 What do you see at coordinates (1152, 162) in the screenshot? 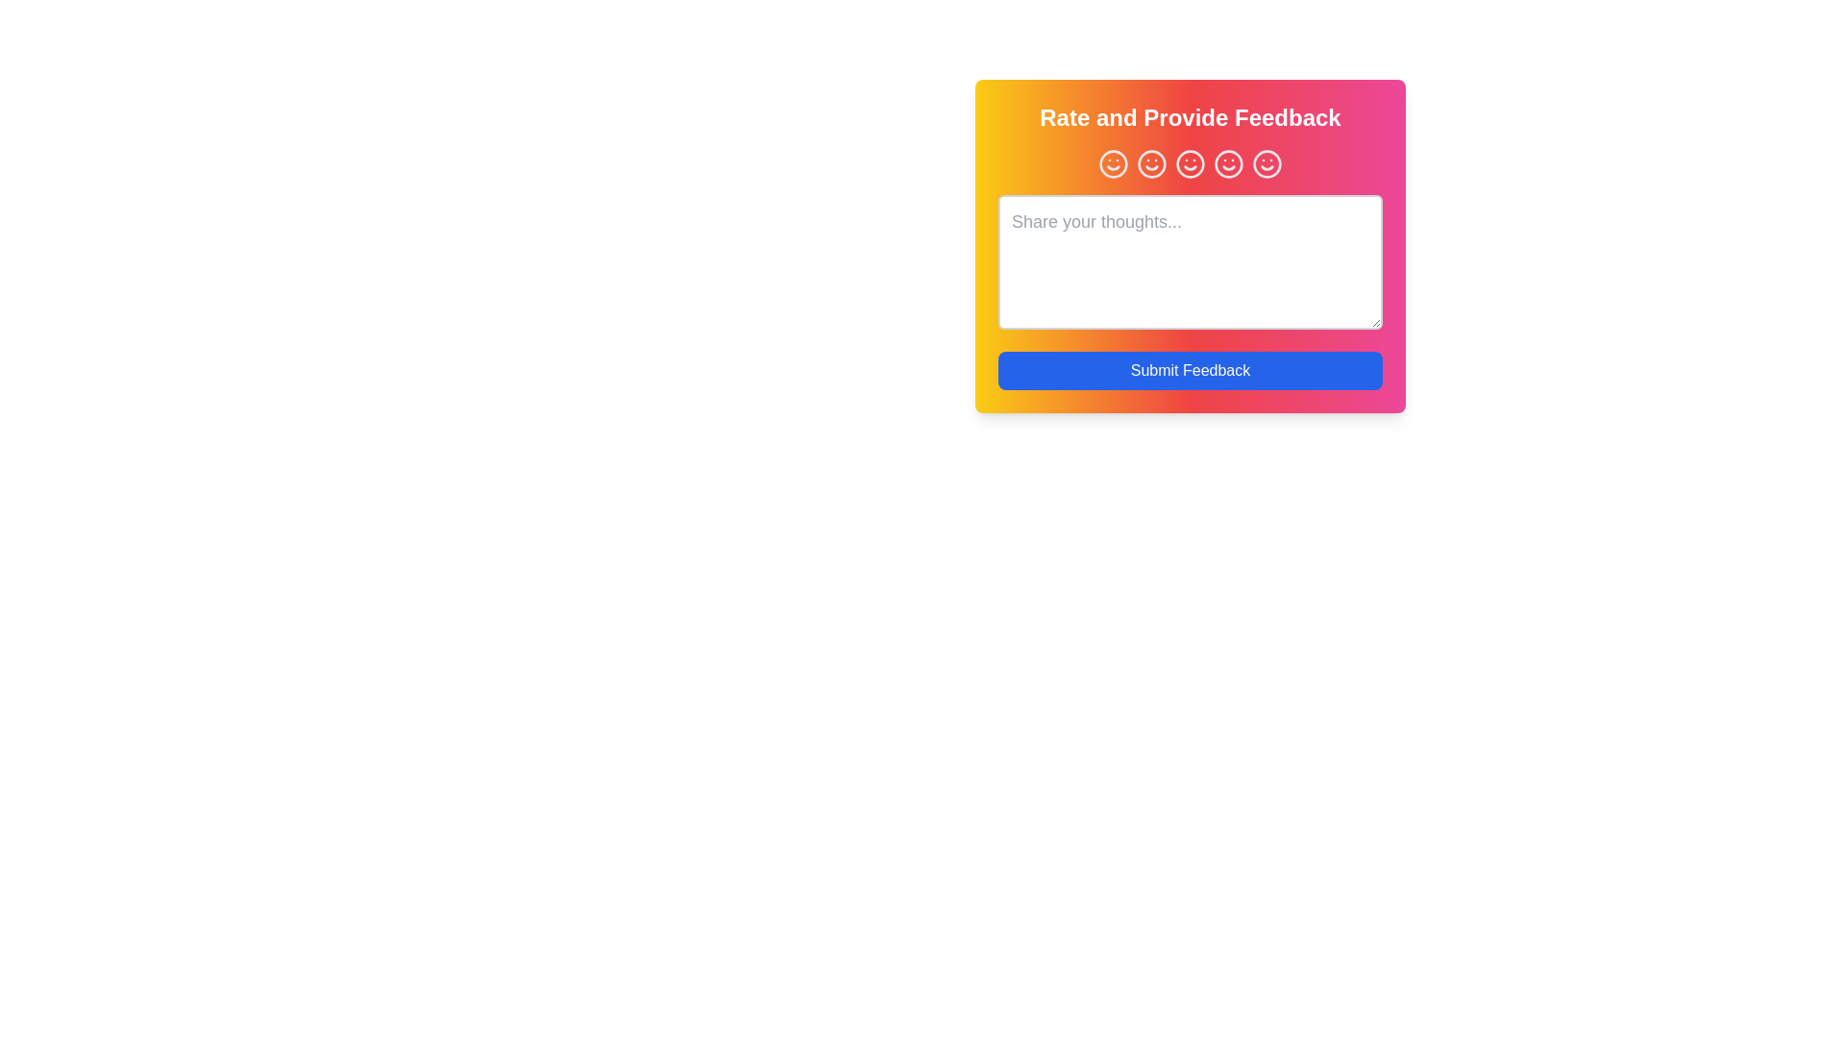
I see `the smiley face corresponding to the rating 2` at bounding box center [1152, 162].